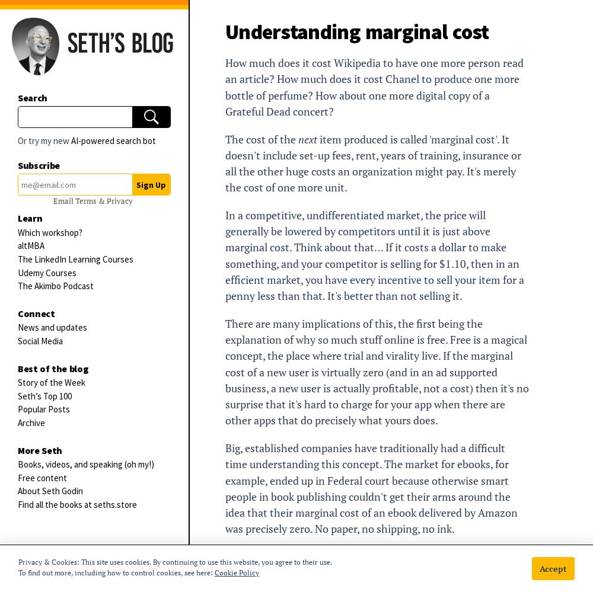 The height and width of the screenshot is (592, 593). What do you see at coordinates (31, 245) in the screenshot?
I see `'altMBA'` at bounding box center [31, 245].